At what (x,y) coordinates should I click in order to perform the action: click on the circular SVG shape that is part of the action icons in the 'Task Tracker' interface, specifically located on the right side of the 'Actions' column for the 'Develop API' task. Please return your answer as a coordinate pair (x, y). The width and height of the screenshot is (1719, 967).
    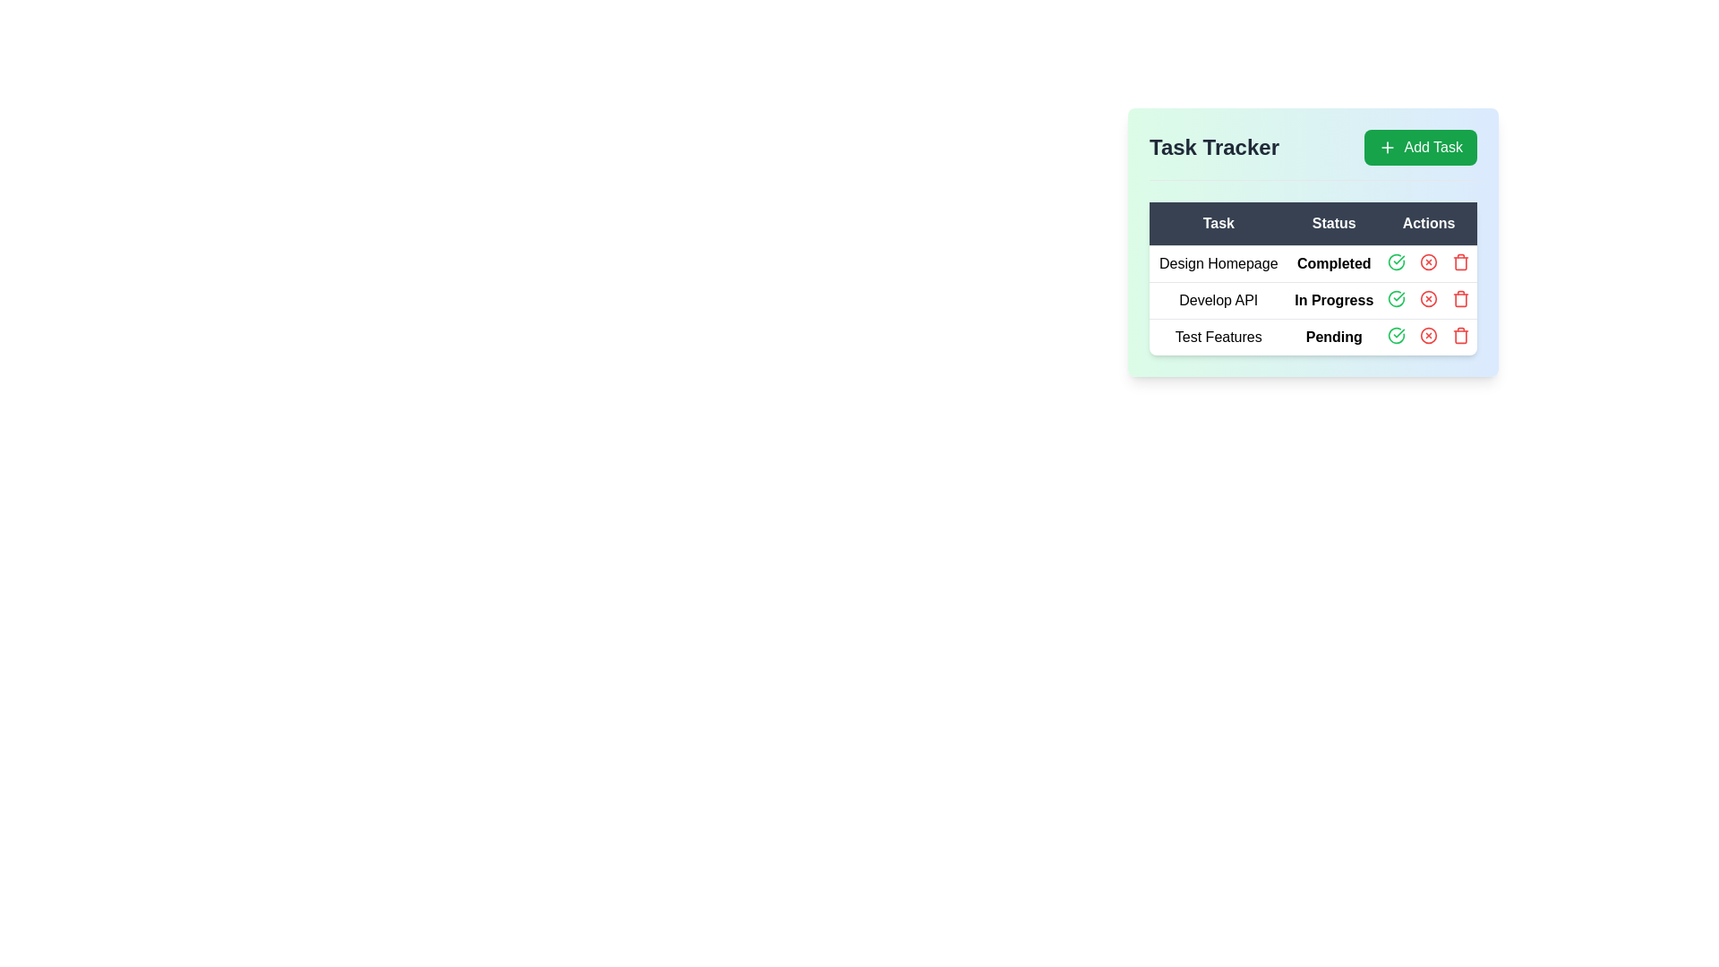
    Looking at the image, I should click on (1428, 262).